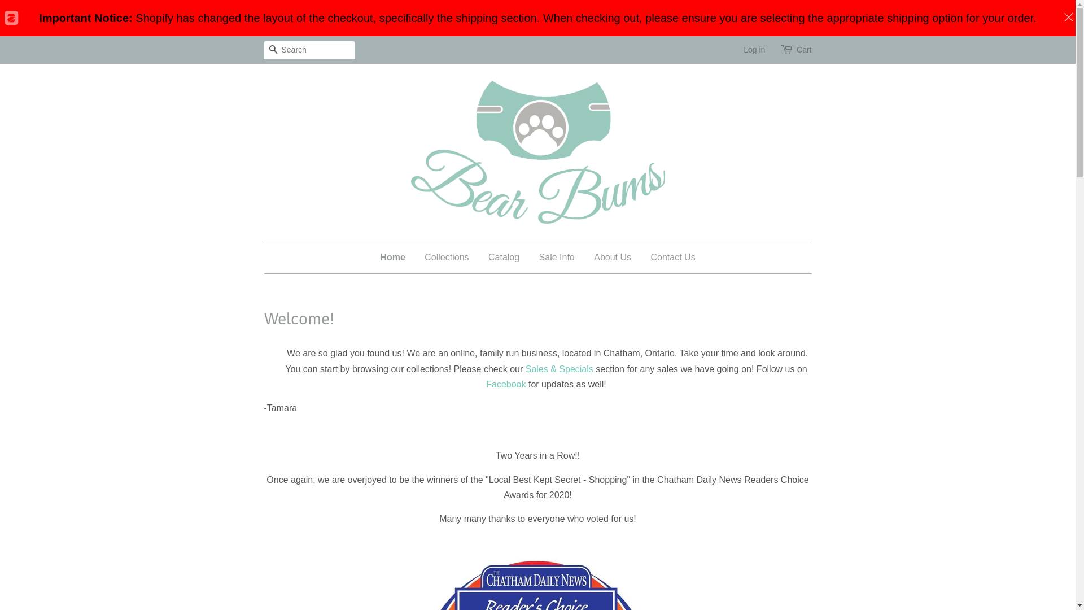  What do you see at coordinates (486, 384) in the screenshot?
I see `'Facebook'` at bounding box center [486, 384].